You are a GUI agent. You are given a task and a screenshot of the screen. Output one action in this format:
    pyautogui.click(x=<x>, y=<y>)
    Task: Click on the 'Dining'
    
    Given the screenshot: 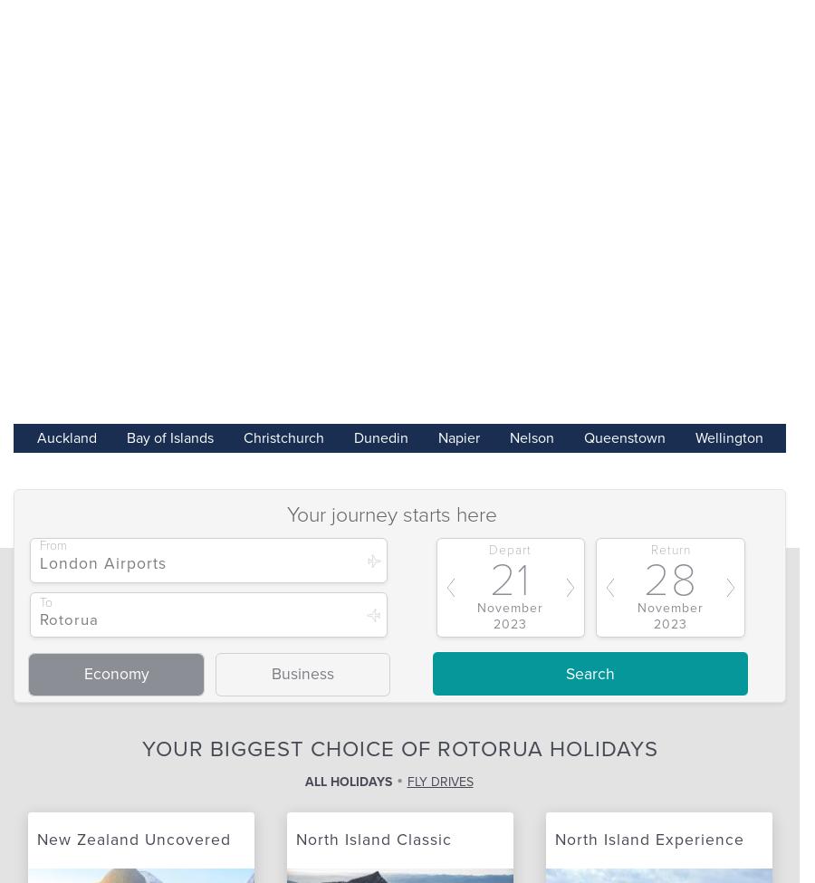 What is the action you would take?
    pyautogui.click(x=193, y=825)
    